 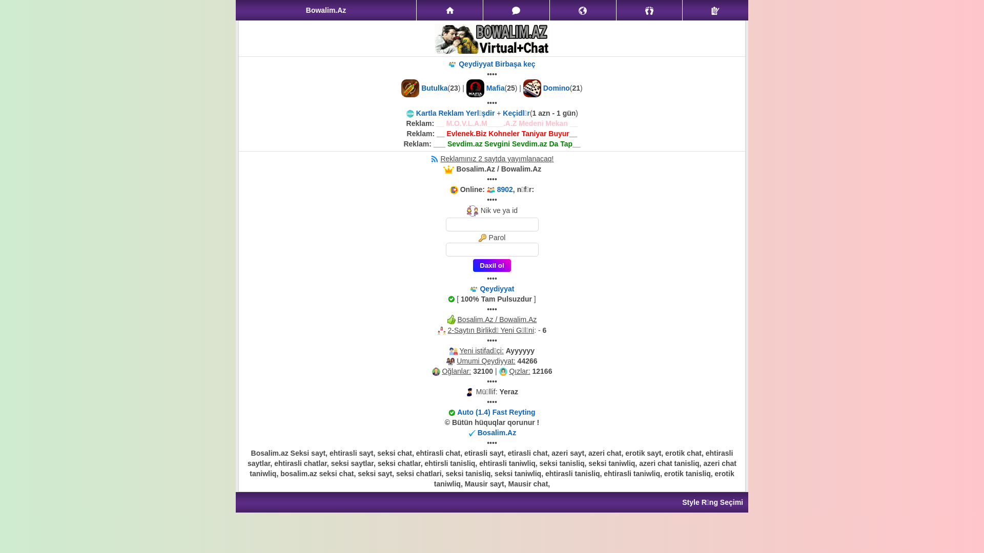 What do you see at coordinates (583, 10) in the screenshot?
I see `'Bildirisler'` at bounding box center [583, 10].